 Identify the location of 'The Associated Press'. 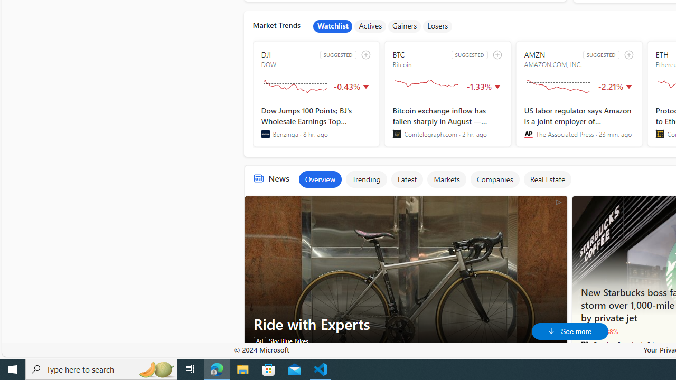
(528, 134).